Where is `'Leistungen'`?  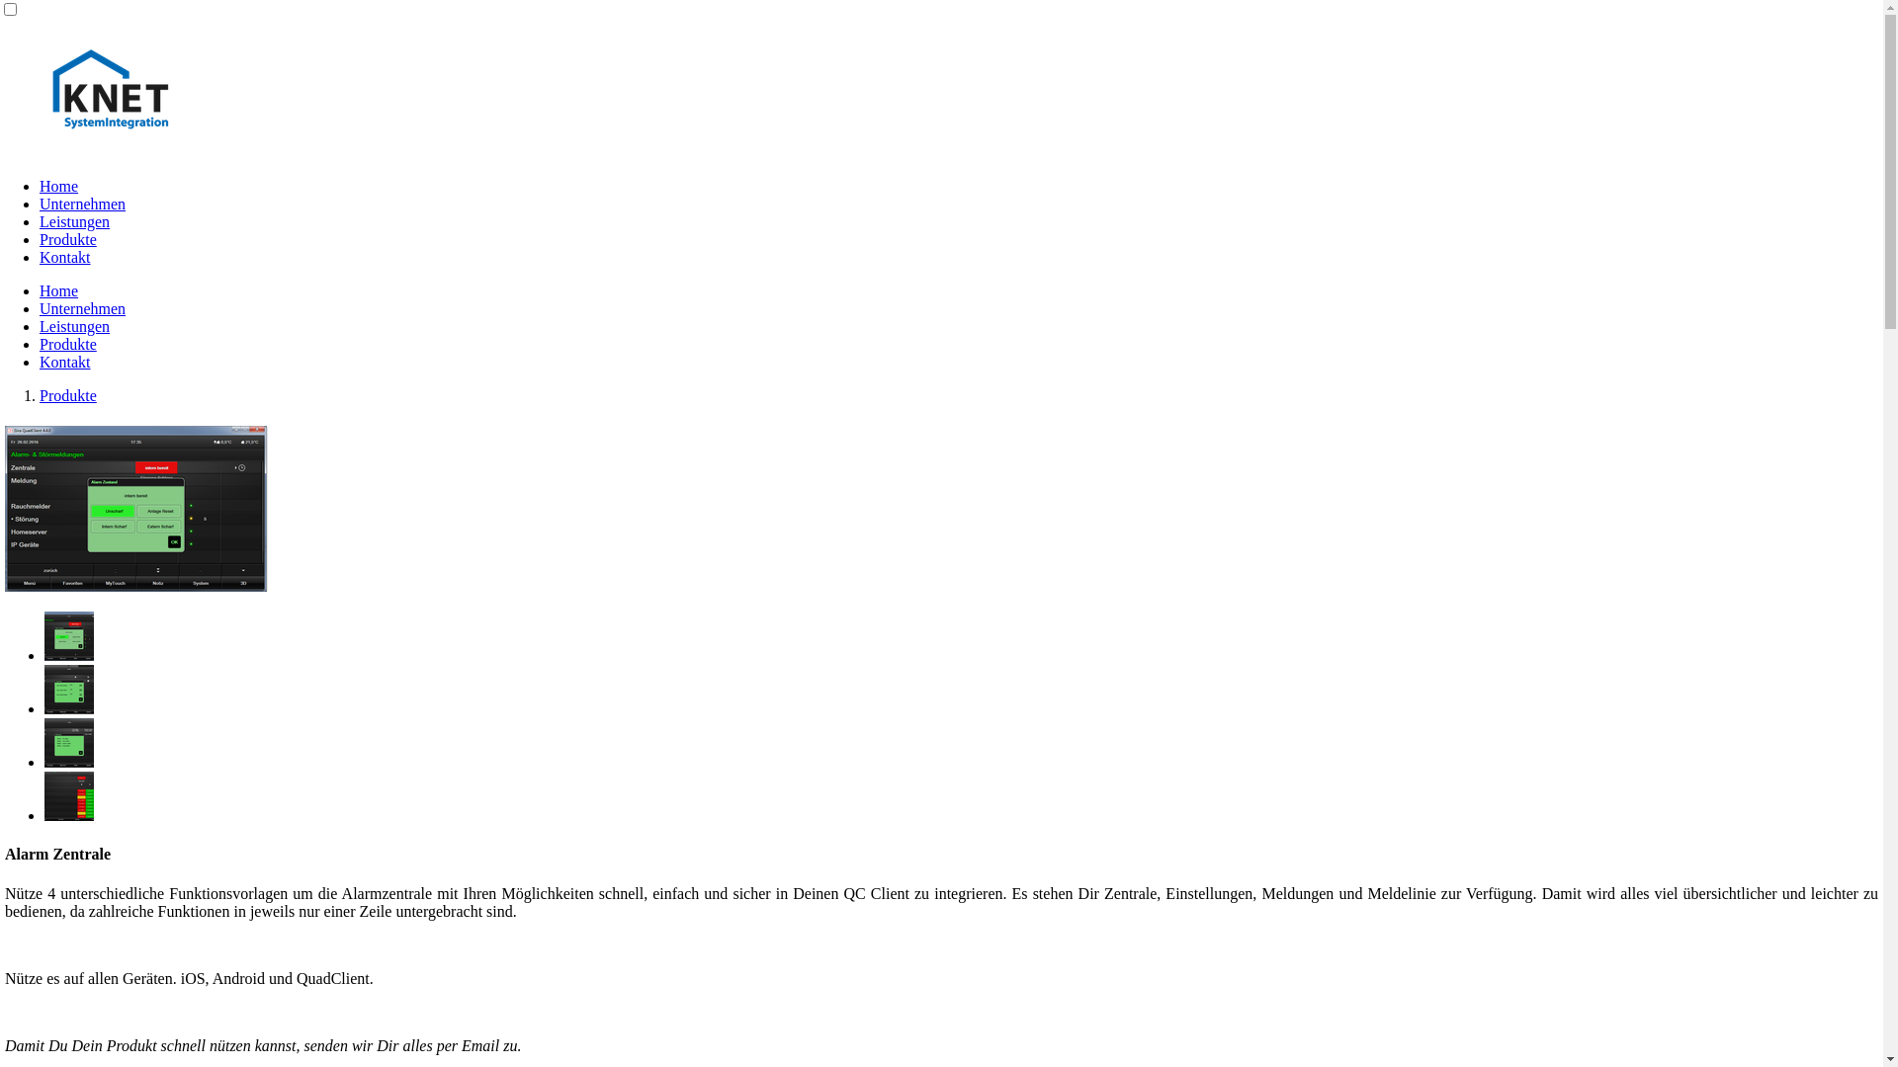
'Leistungen' is located at coordinates (74, 325).